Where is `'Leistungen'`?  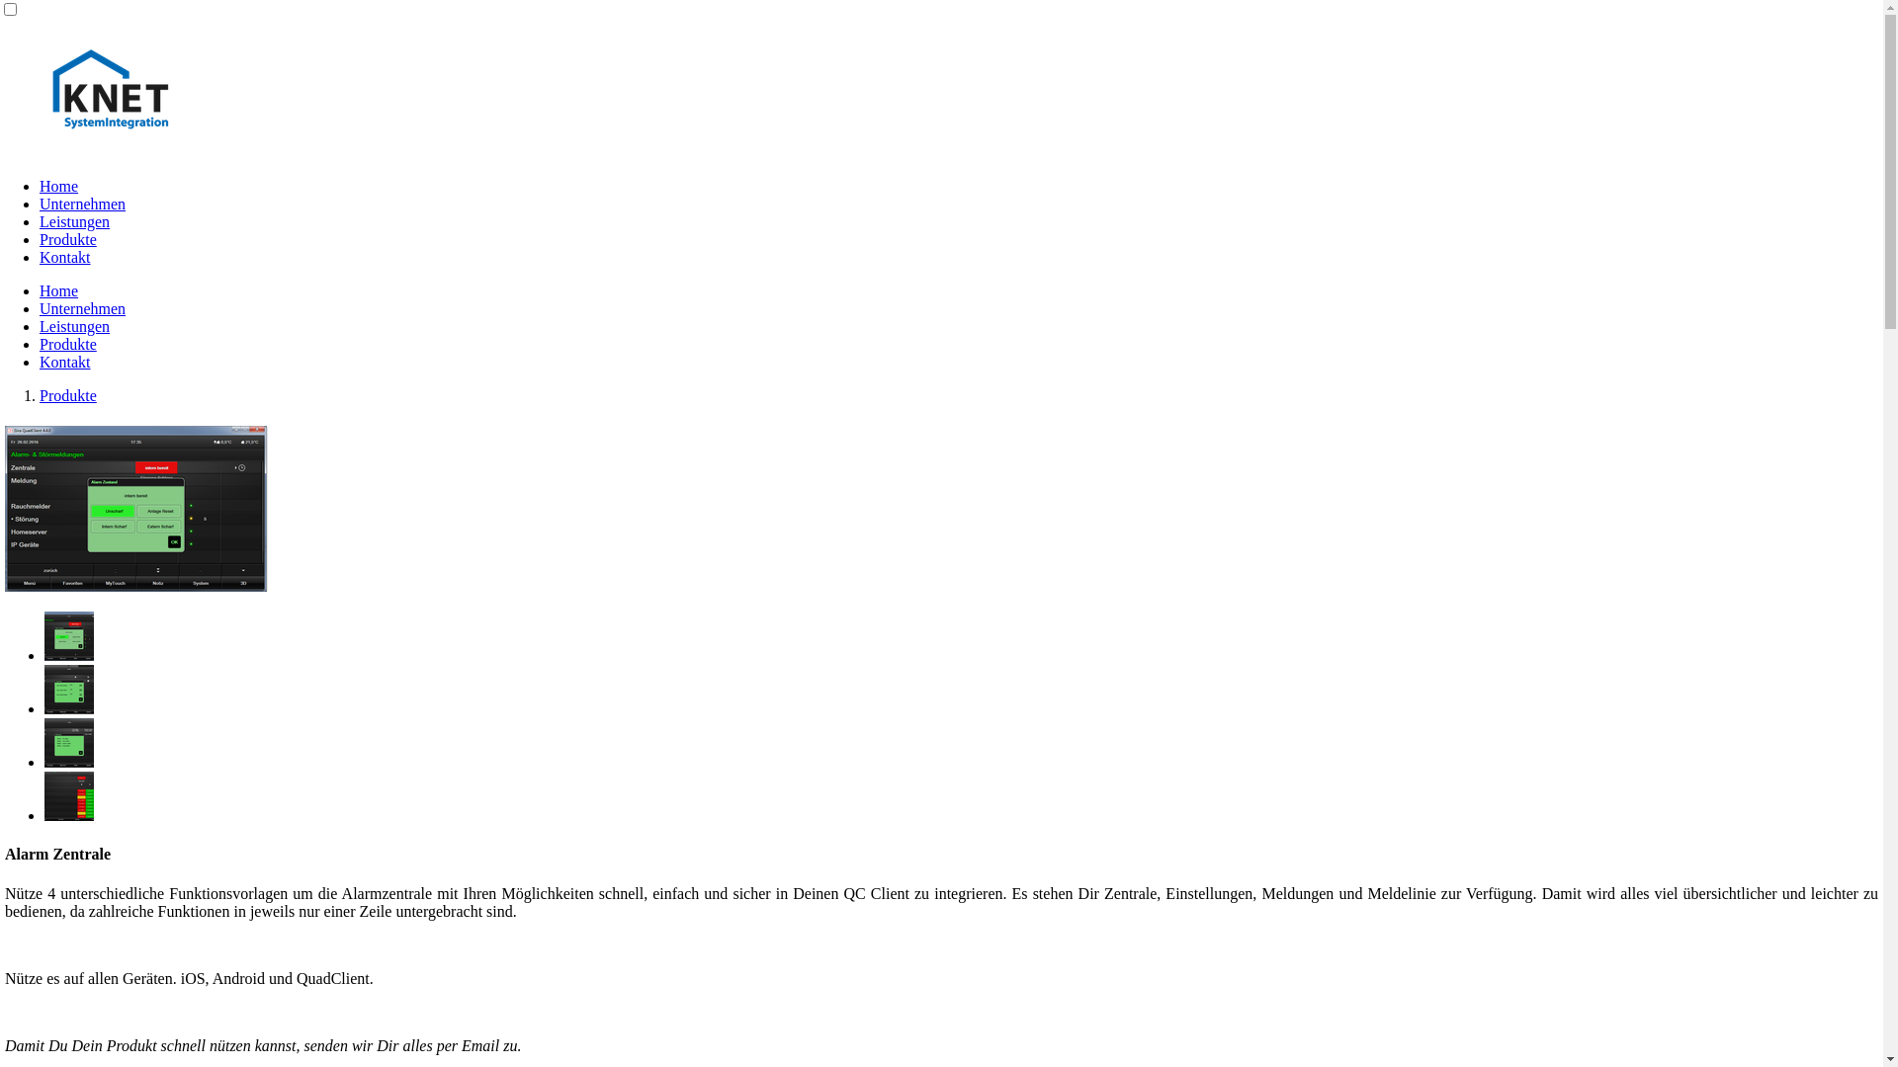
'Leistungen' is located at coordinates (74, 325).